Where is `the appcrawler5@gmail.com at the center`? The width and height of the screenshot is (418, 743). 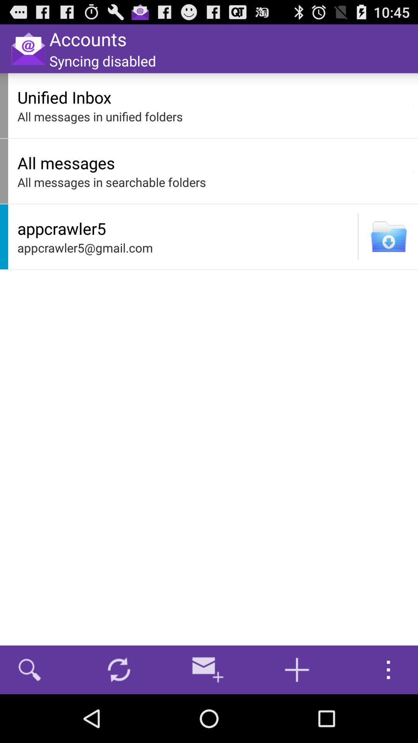 the appcrawler5@gmail.com at the center is located at coordinates (185, 248).